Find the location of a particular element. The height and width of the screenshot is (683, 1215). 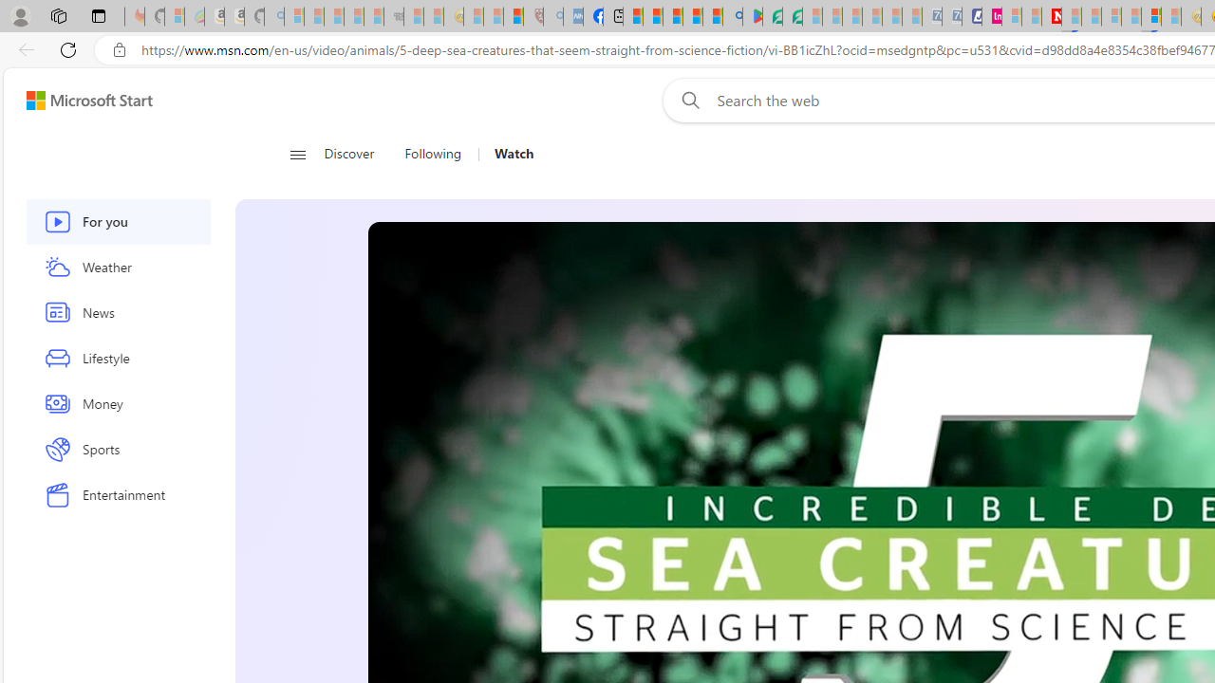

'Microsoft-Report a Concern to Bing - Sleeping' is located at coordinates (175, 16).